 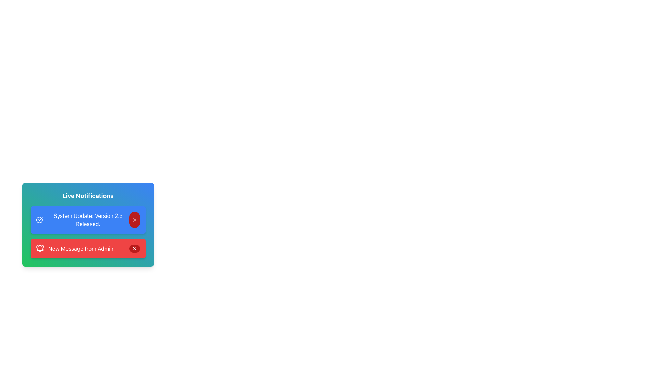 What do you see at coordinates (88, 220) in the screenshot?
I see `text content of the notification description located in the center of the blue notification box within the 'Live Notifications' section` at bounding box center [88, 220].